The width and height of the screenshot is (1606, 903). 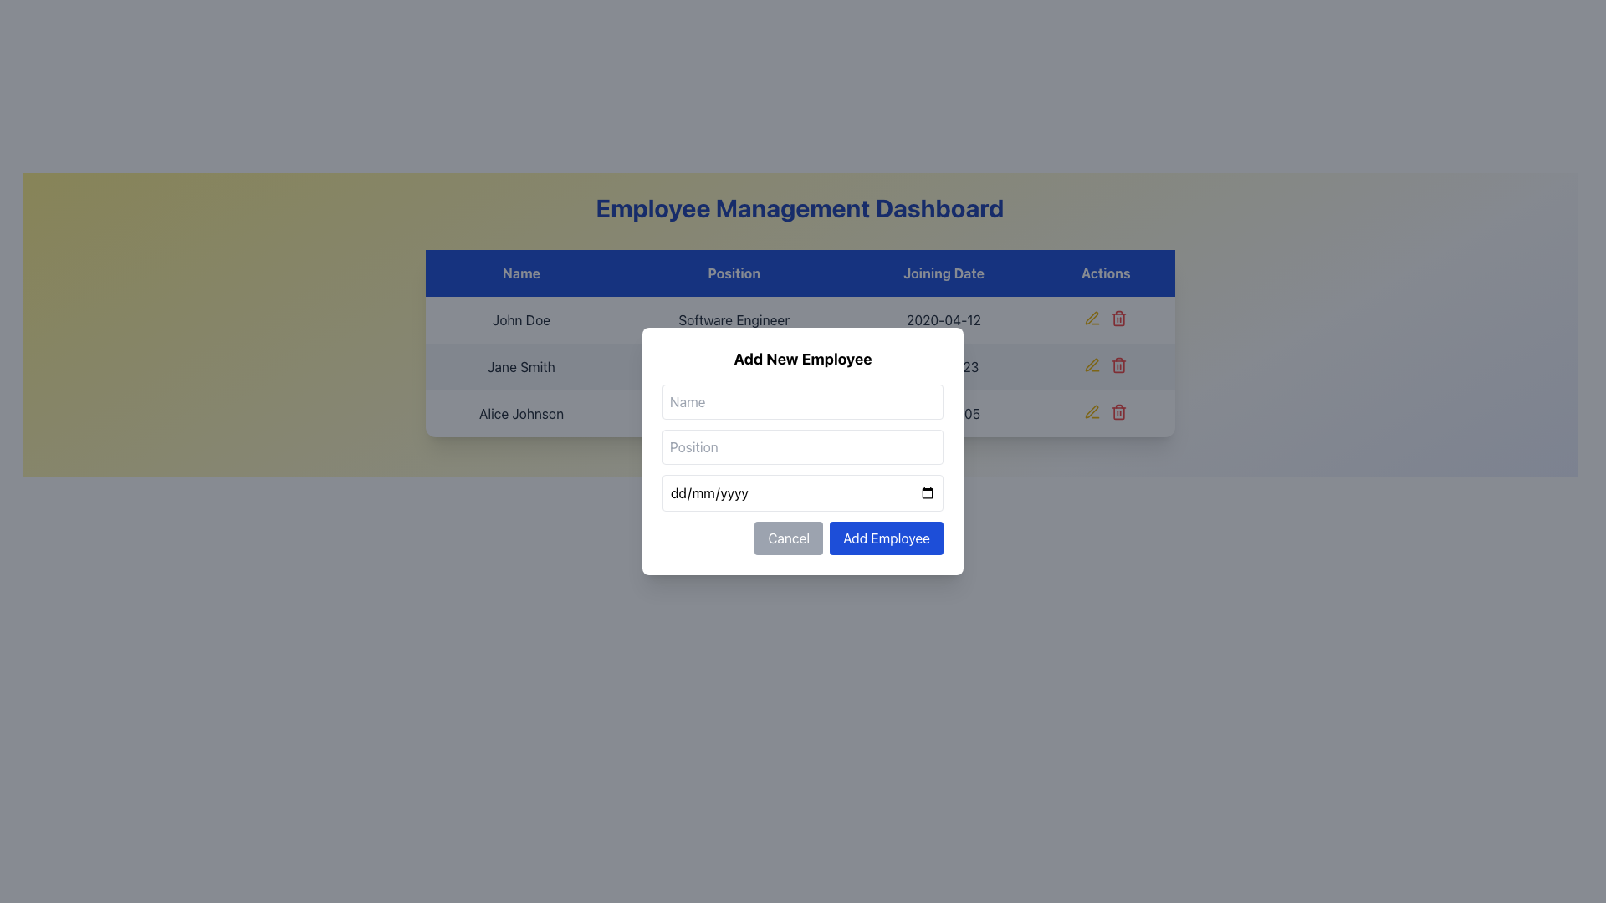 What do you see at coordinates (1119, 319) in the screenshot?
I see `the red trash bin icon button located in the 'Actions' column of the first row` at bounding box center [1119, 319].